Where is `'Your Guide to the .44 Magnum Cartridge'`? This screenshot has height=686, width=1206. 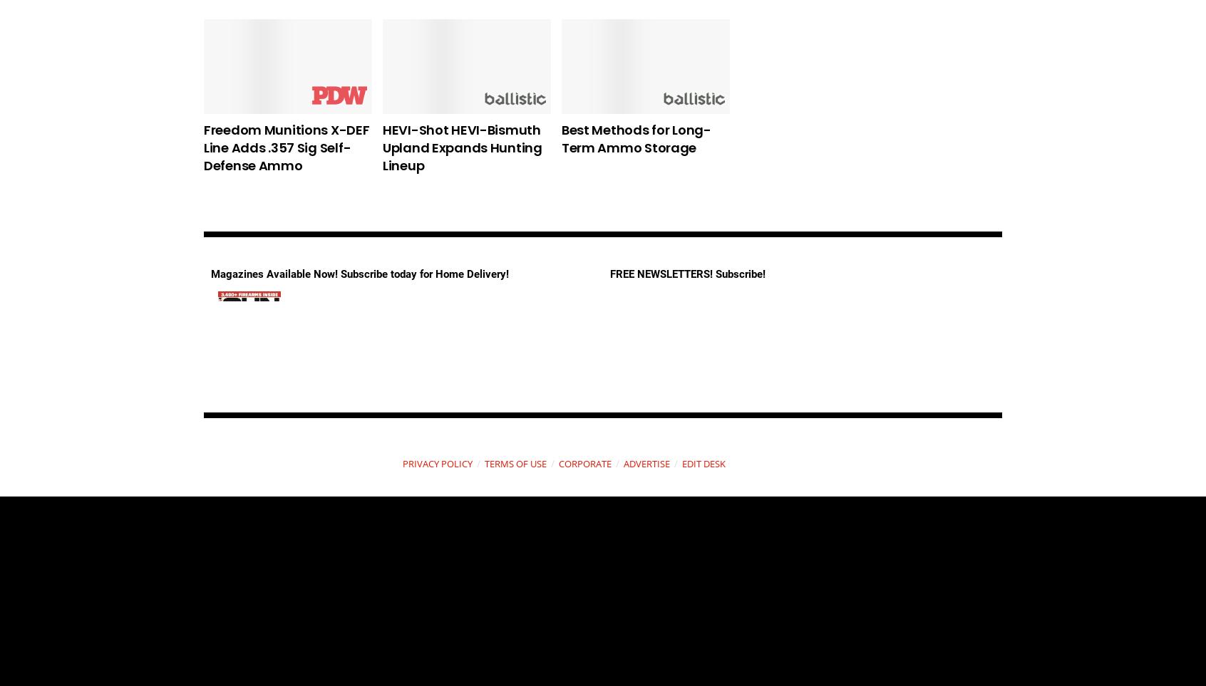 'Your Guide to the .44 Magnum Cartridge' is located at coordinates (985, 138).